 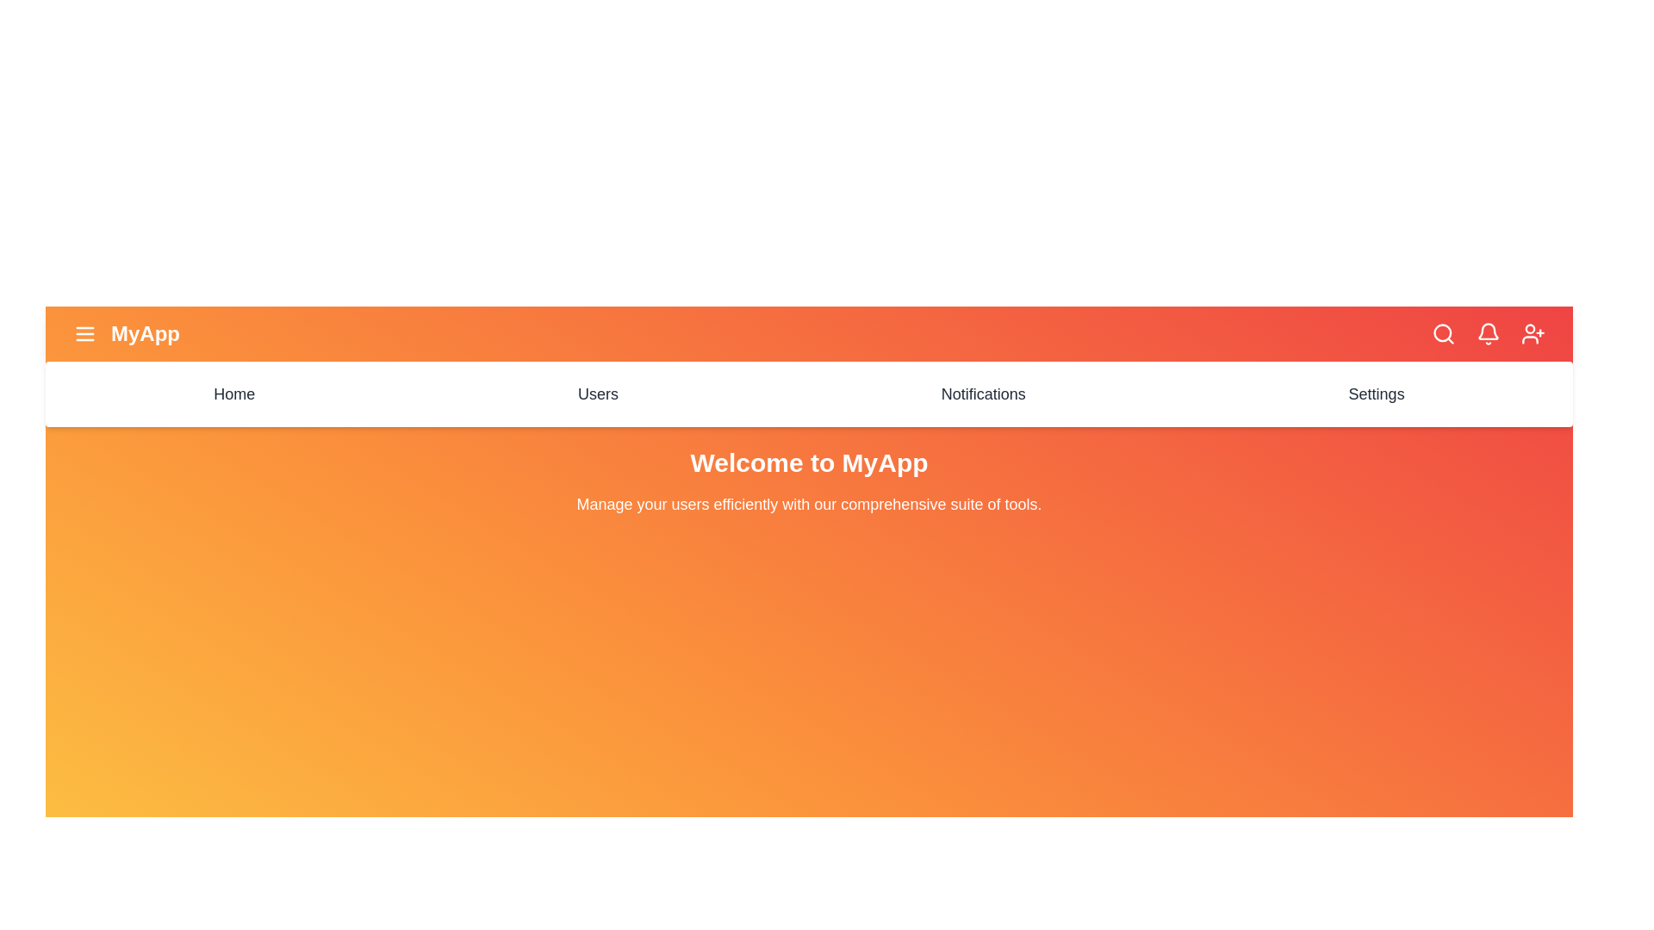 I want to click on the search icon in the header, so click(x=1443, y=334).